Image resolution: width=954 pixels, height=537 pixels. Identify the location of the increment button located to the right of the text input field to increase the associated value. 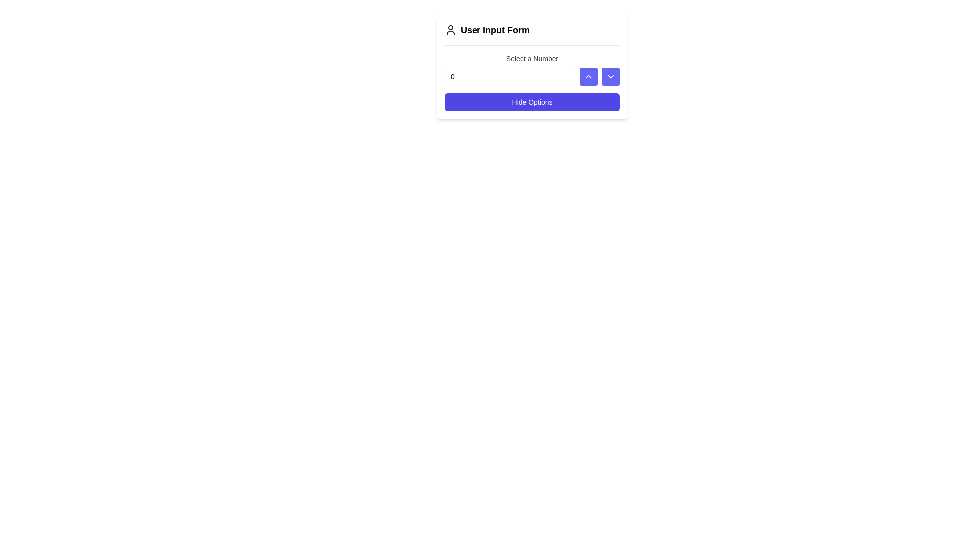
(589, 76).